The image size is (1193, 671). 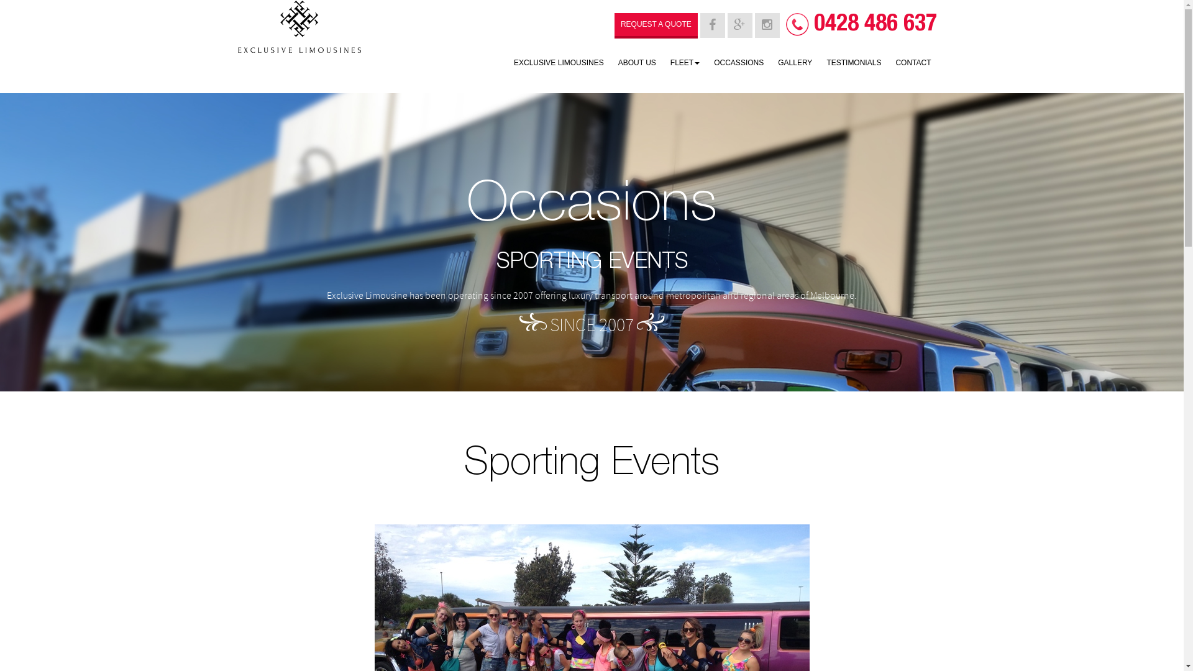 I want to click on 'OCCASSIONS', so click(x=739, y=64).